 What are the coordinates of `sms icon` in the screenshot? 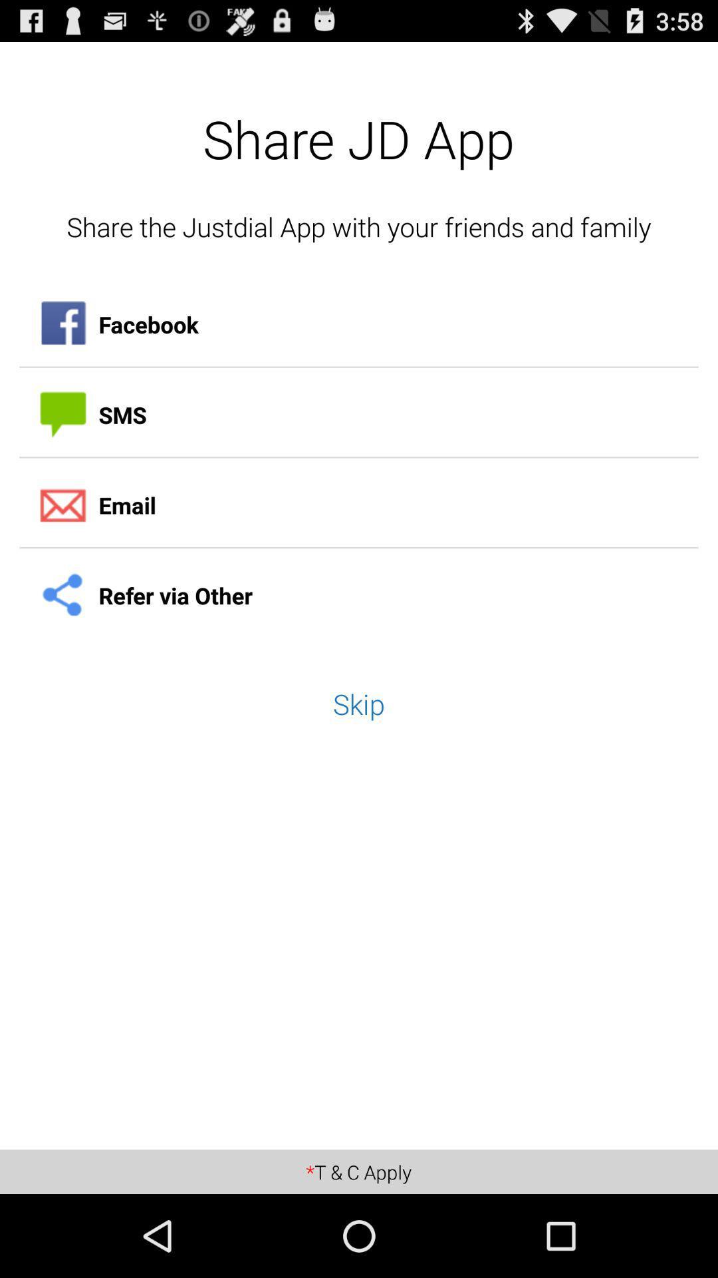 It's located at (359, 414).